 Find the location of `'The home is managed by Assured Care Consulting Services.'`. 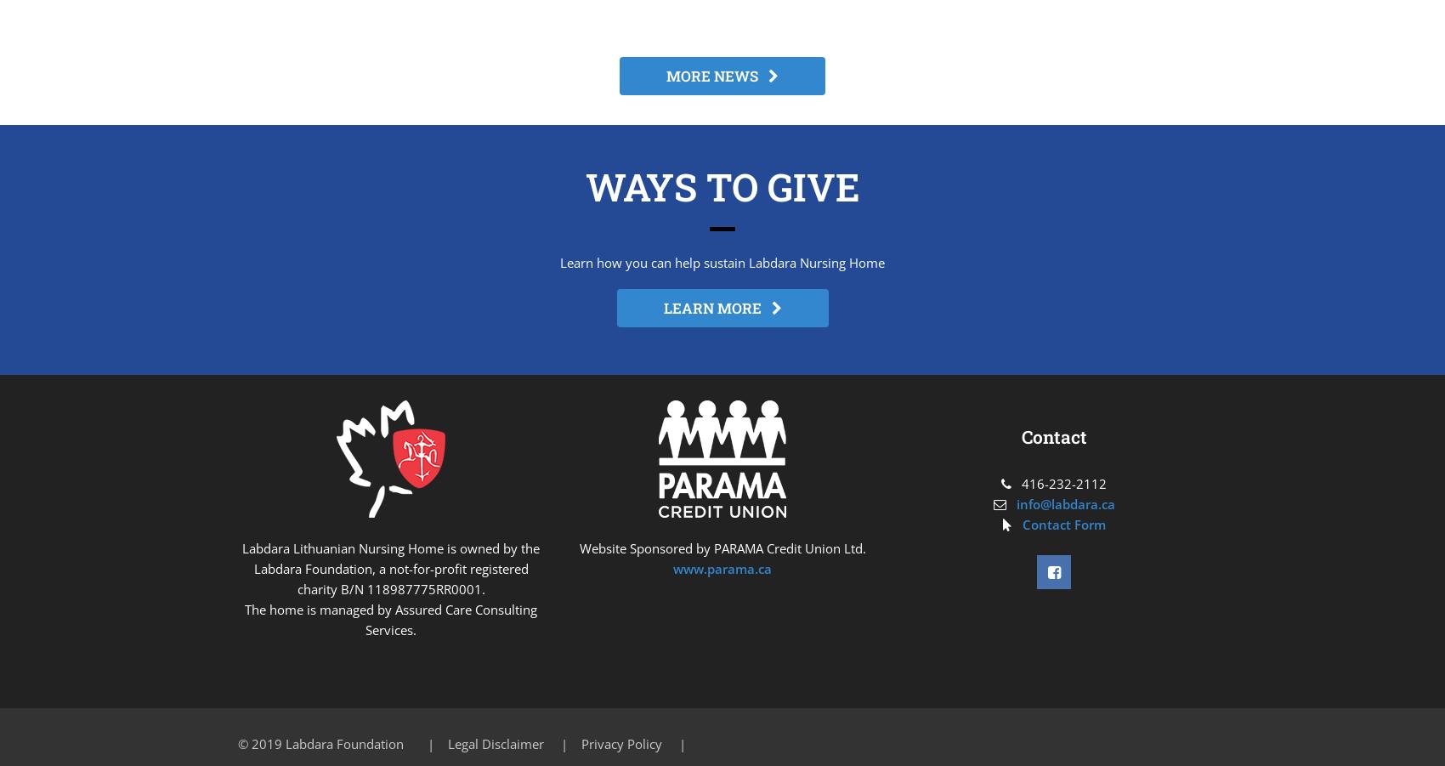

'The home is managed by Assured Care Consulting Services.' is located at coordinates (391, 618).